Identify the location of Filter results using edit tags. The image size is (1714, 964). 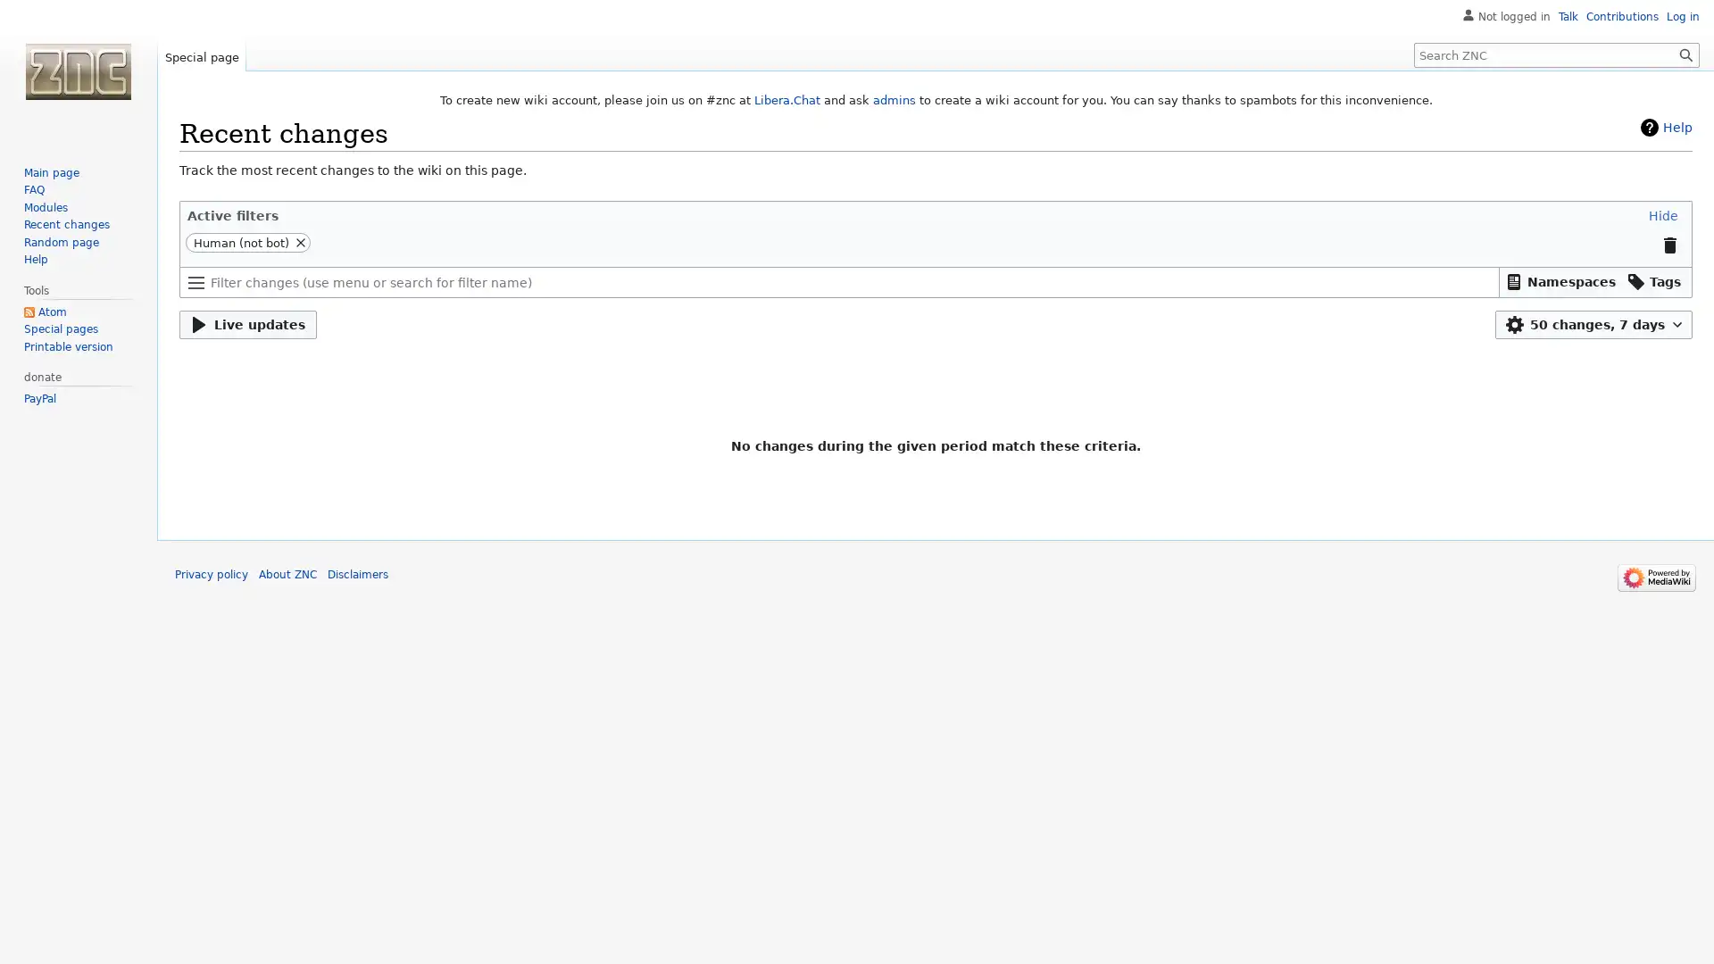
(1653, 281).